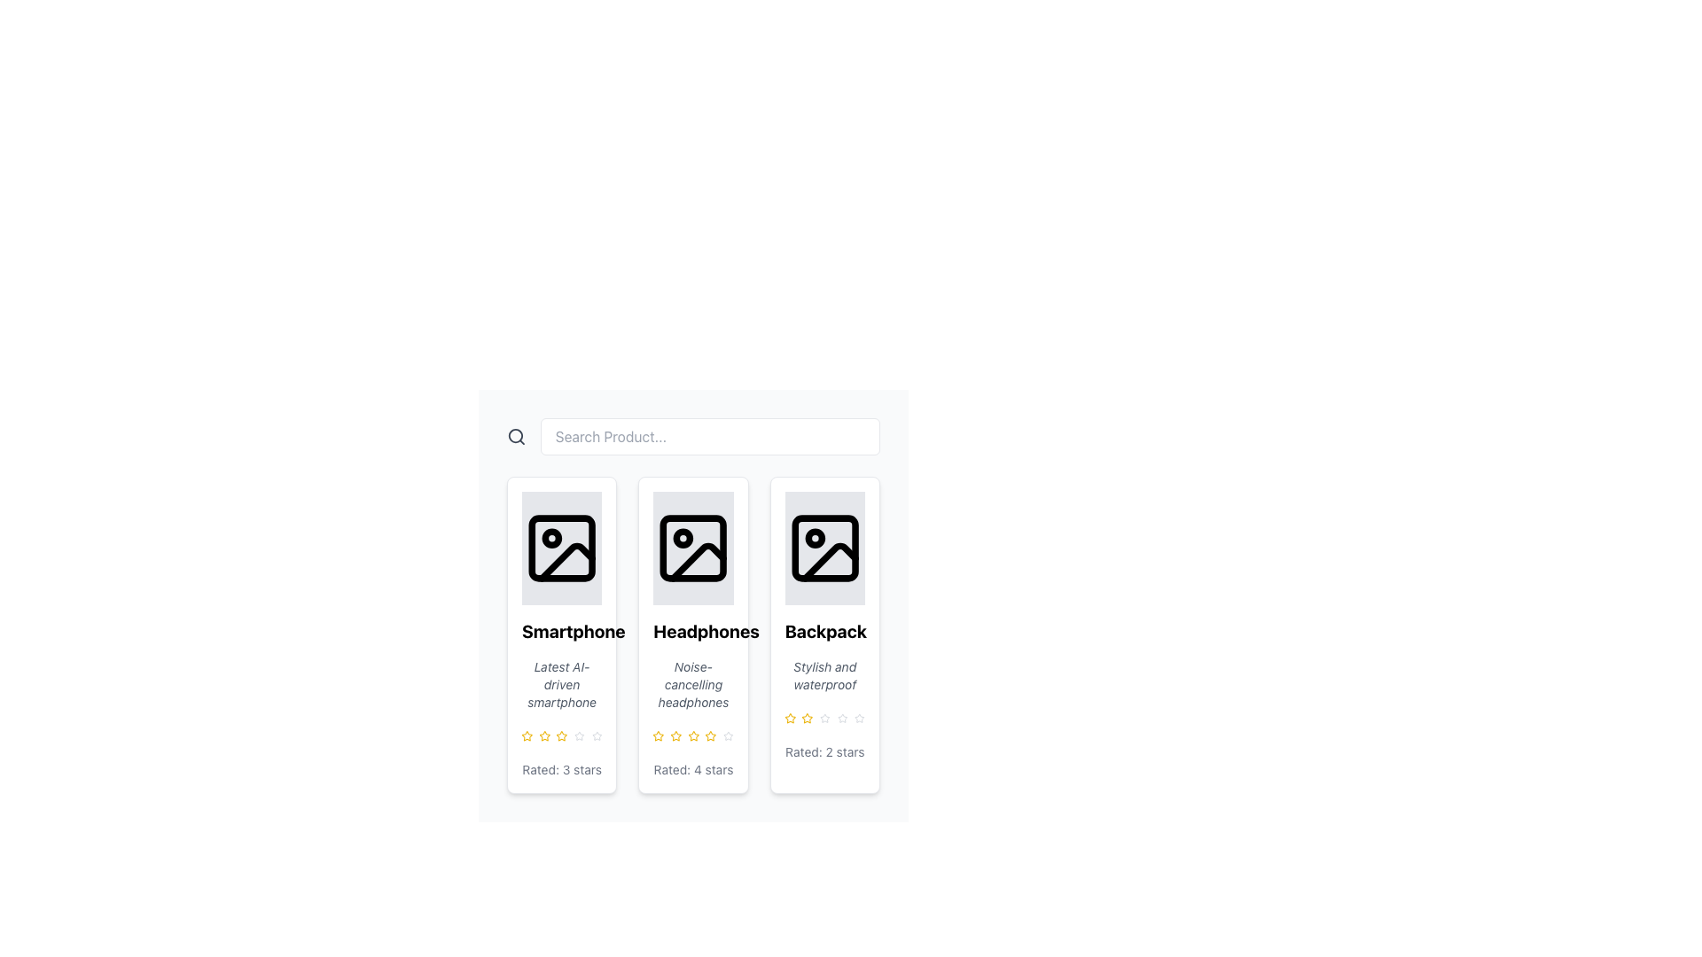 The height and width of the screenshot is (957, 1702). I want to click on the circular component of the magnifying glass icon within the SVG that symbolizes search functionality, so click(514, 436).